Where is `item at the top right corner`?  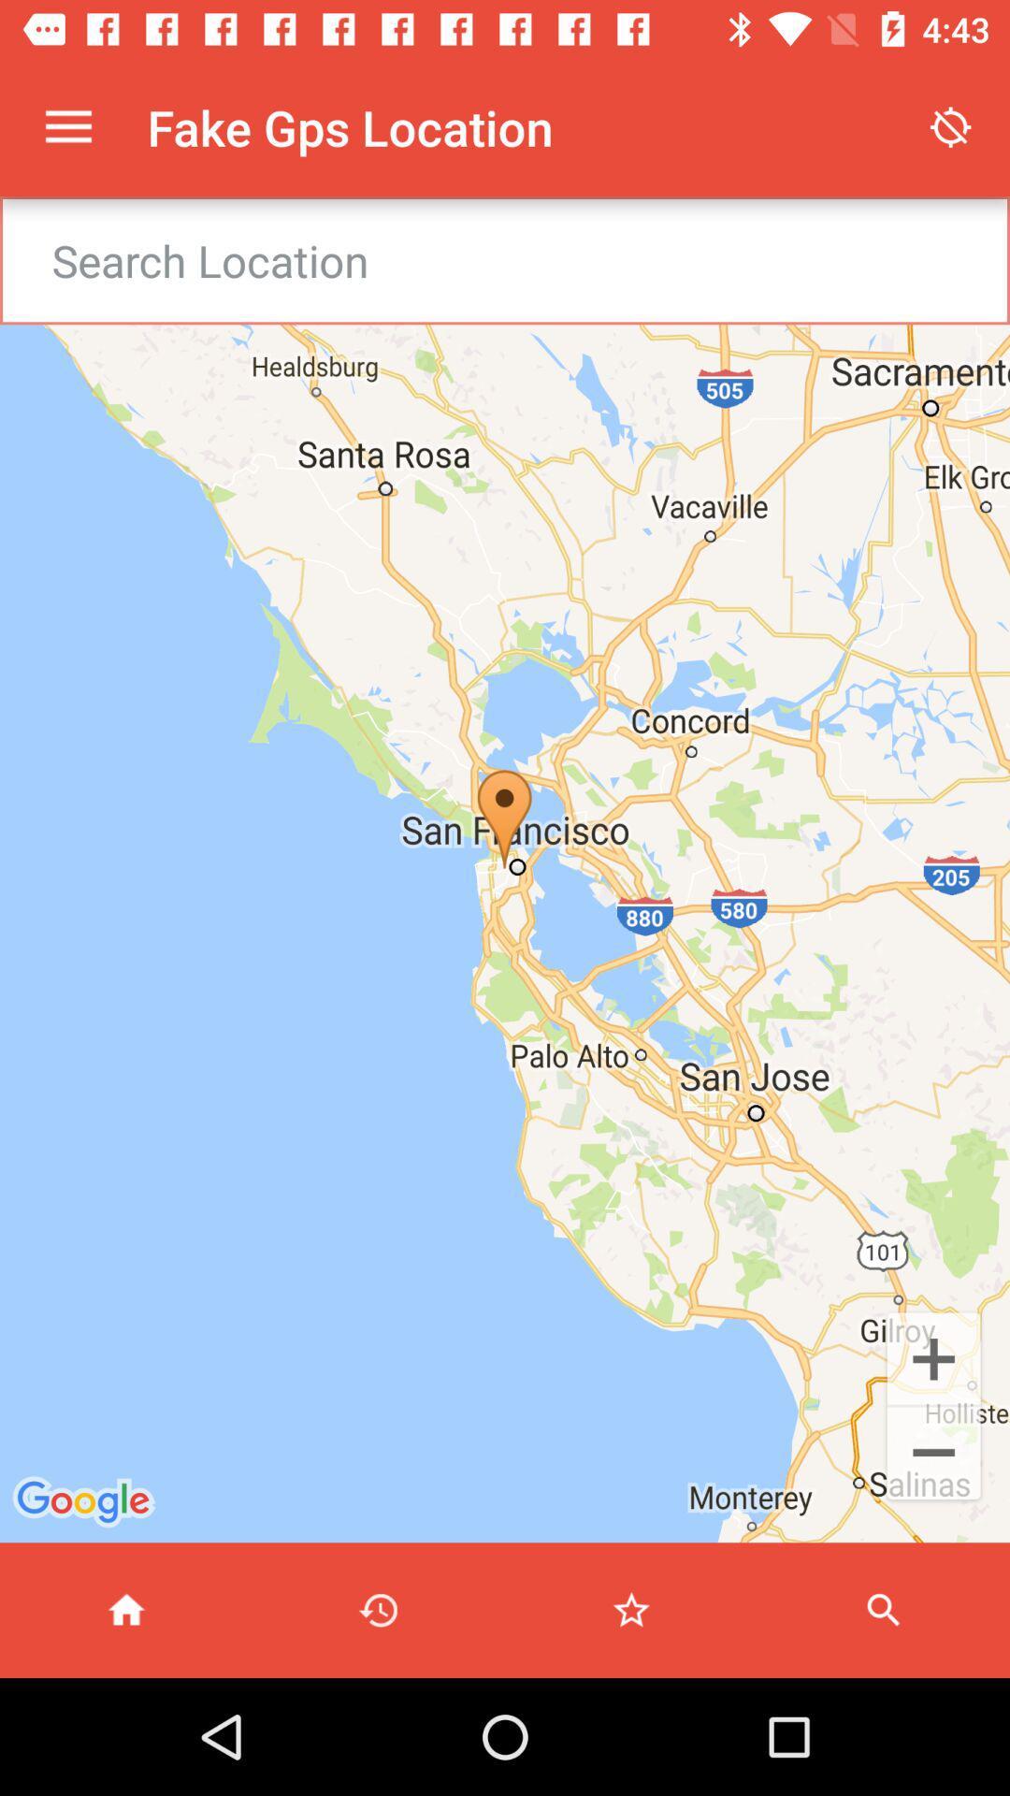
item at the top right corner is located at coordinates (951, 126).